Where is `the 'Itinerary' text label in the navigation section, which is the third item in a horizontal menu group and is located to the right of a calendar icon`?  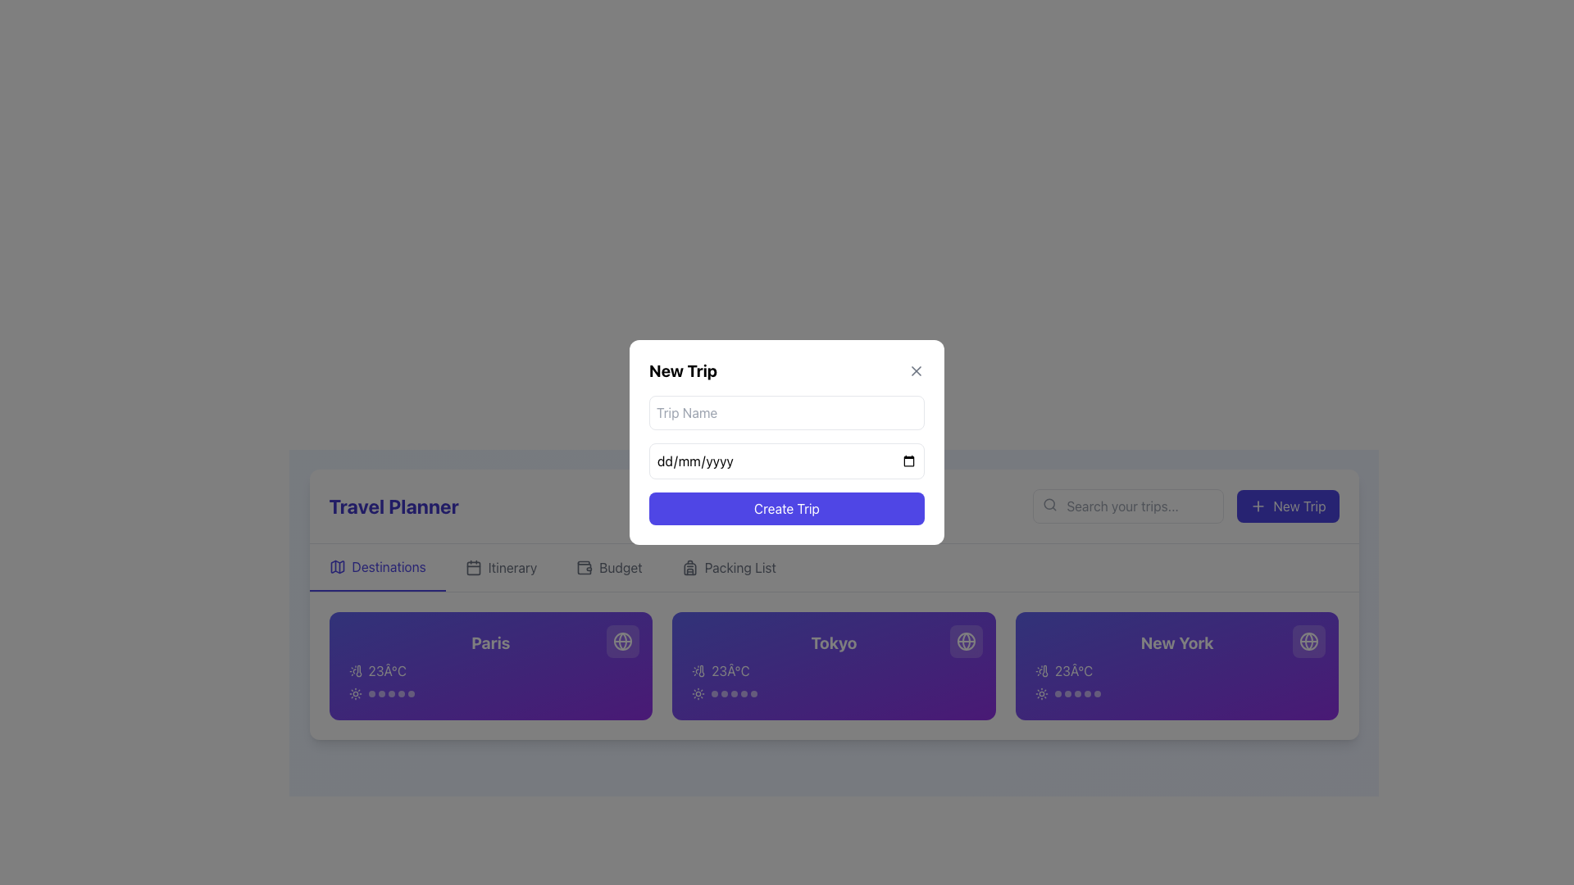
the 'Itinerary' text label in the navigation section, which is the third item in a horizontal menu group and is located to the right of a calendar icon is located at coordinates (512, 567).